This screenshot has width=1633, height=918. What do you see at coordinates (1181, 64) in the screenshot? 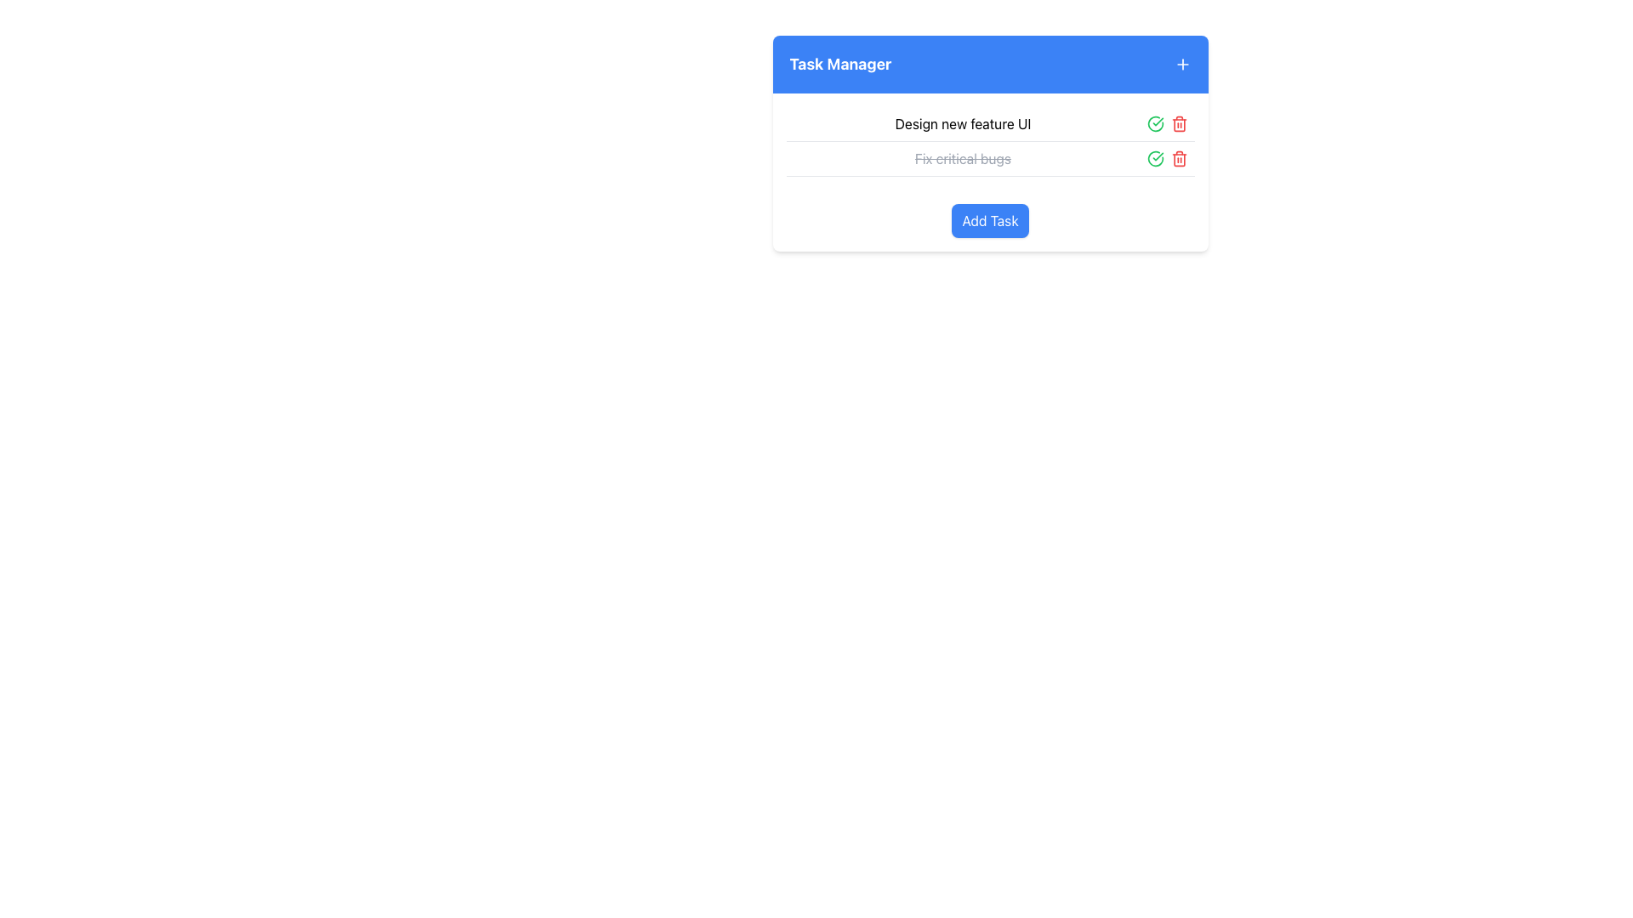
I see `the plus-shaped action button located in the top-right corner of the 'Task Manager' header` at bounding box center [1181, 64].